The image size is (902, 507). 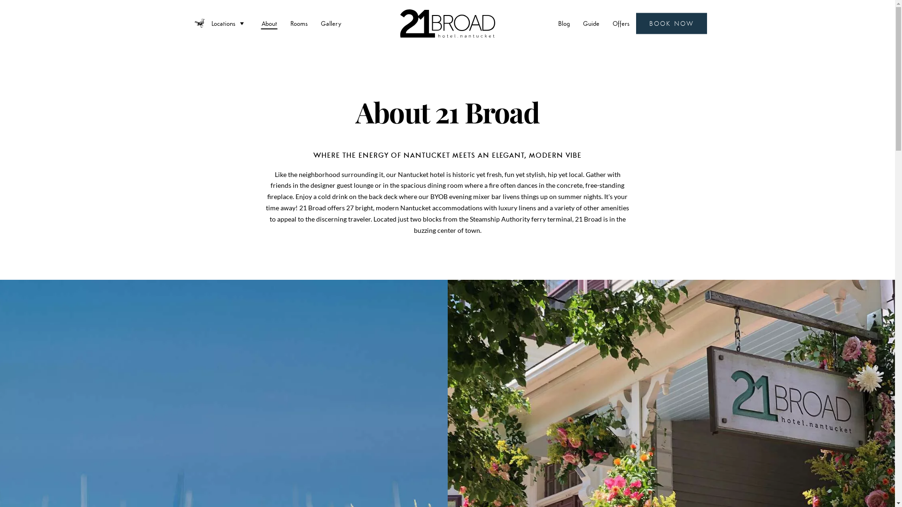 What do you see at coordinates (621, 23) in the screenshot?
I see `'Offers'` at bounding box center [621, 23].